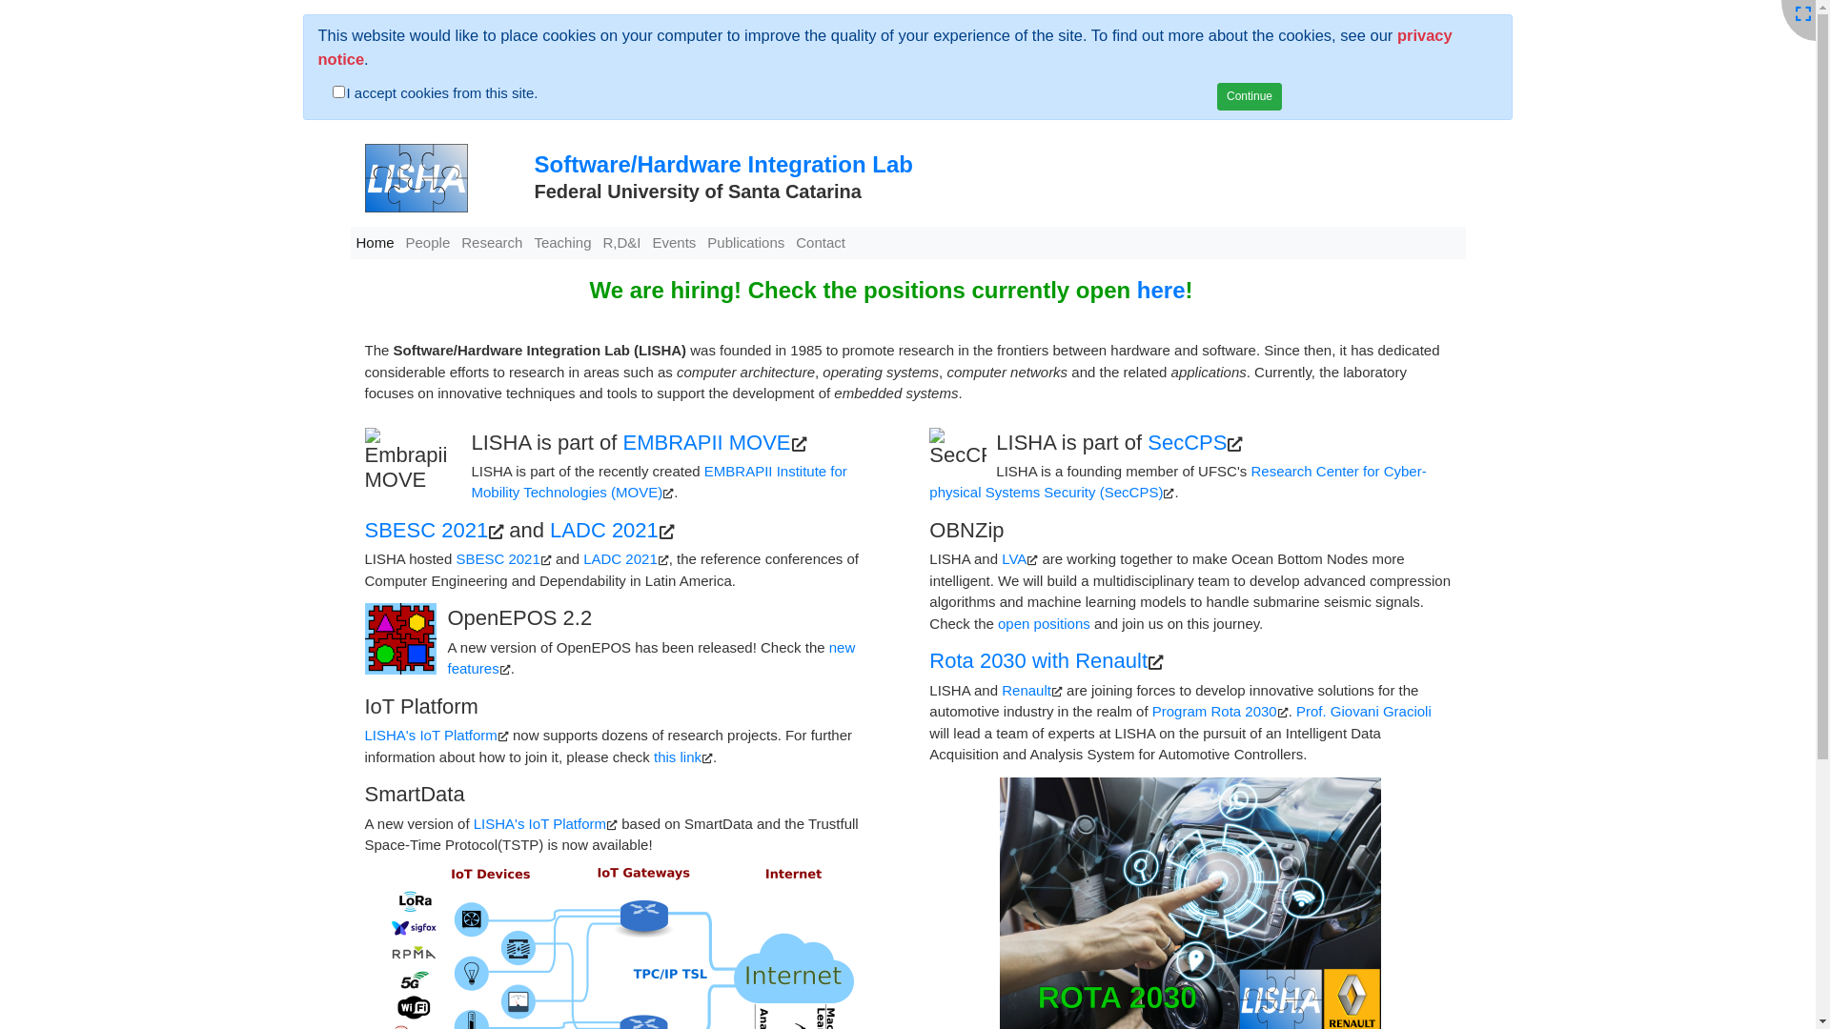  Describe the element at coordinates (722, 162) in the screenshot. I see `'Software/Hardware Integration Lab'` at that location.